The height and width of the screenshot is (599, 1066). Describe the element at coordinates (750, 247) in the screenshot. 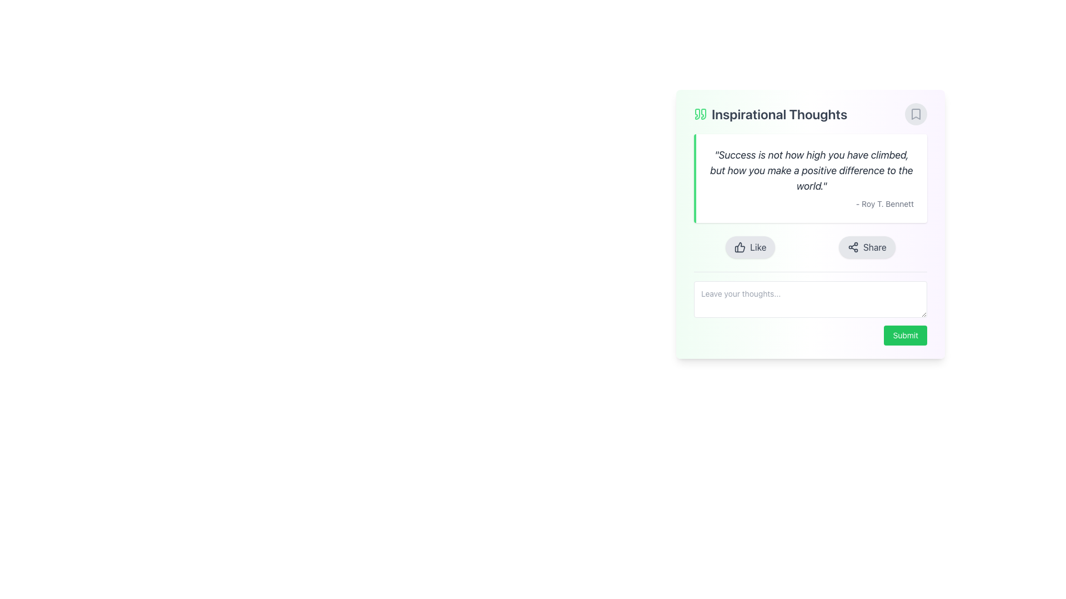

I see `the 'Like' button located in the 'Inspirational Thoughts' section, which is the first button on the left side, adjacent to the 'Share' button` at that location.